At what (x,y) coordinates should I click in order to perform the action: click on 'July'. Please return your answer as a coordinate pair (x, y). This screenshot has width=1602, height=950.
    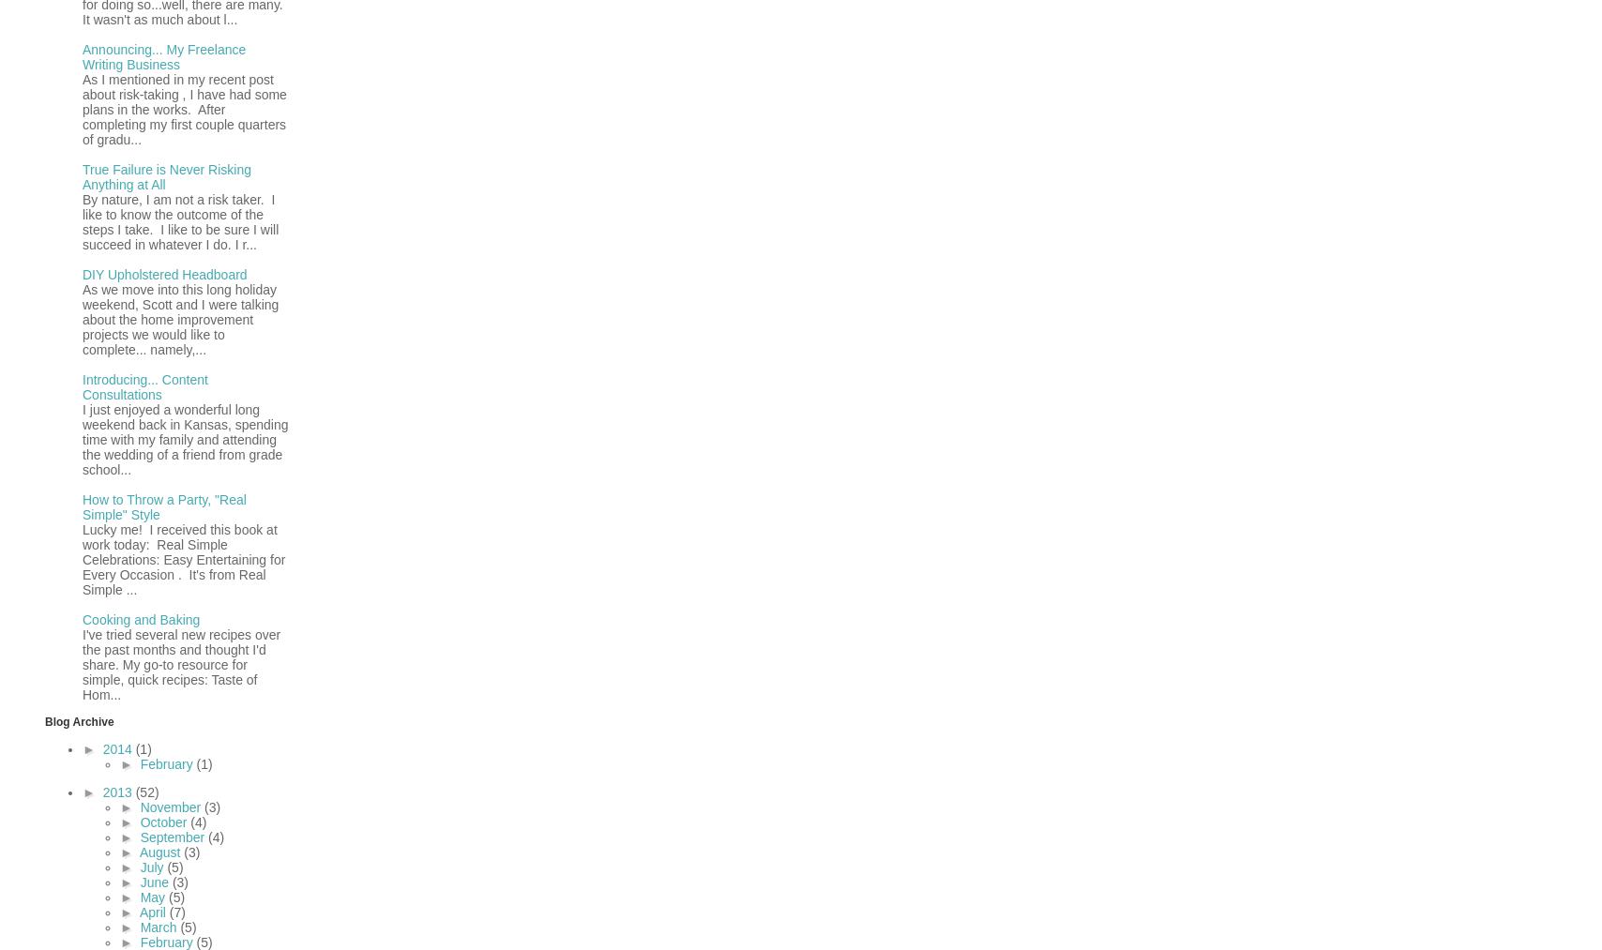
    Looking at the image, I should click on (153, 866).